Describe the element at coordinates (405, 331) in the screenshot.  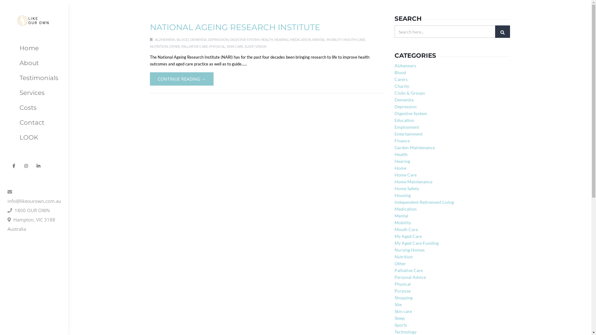
I see `'Technology'` at that location.